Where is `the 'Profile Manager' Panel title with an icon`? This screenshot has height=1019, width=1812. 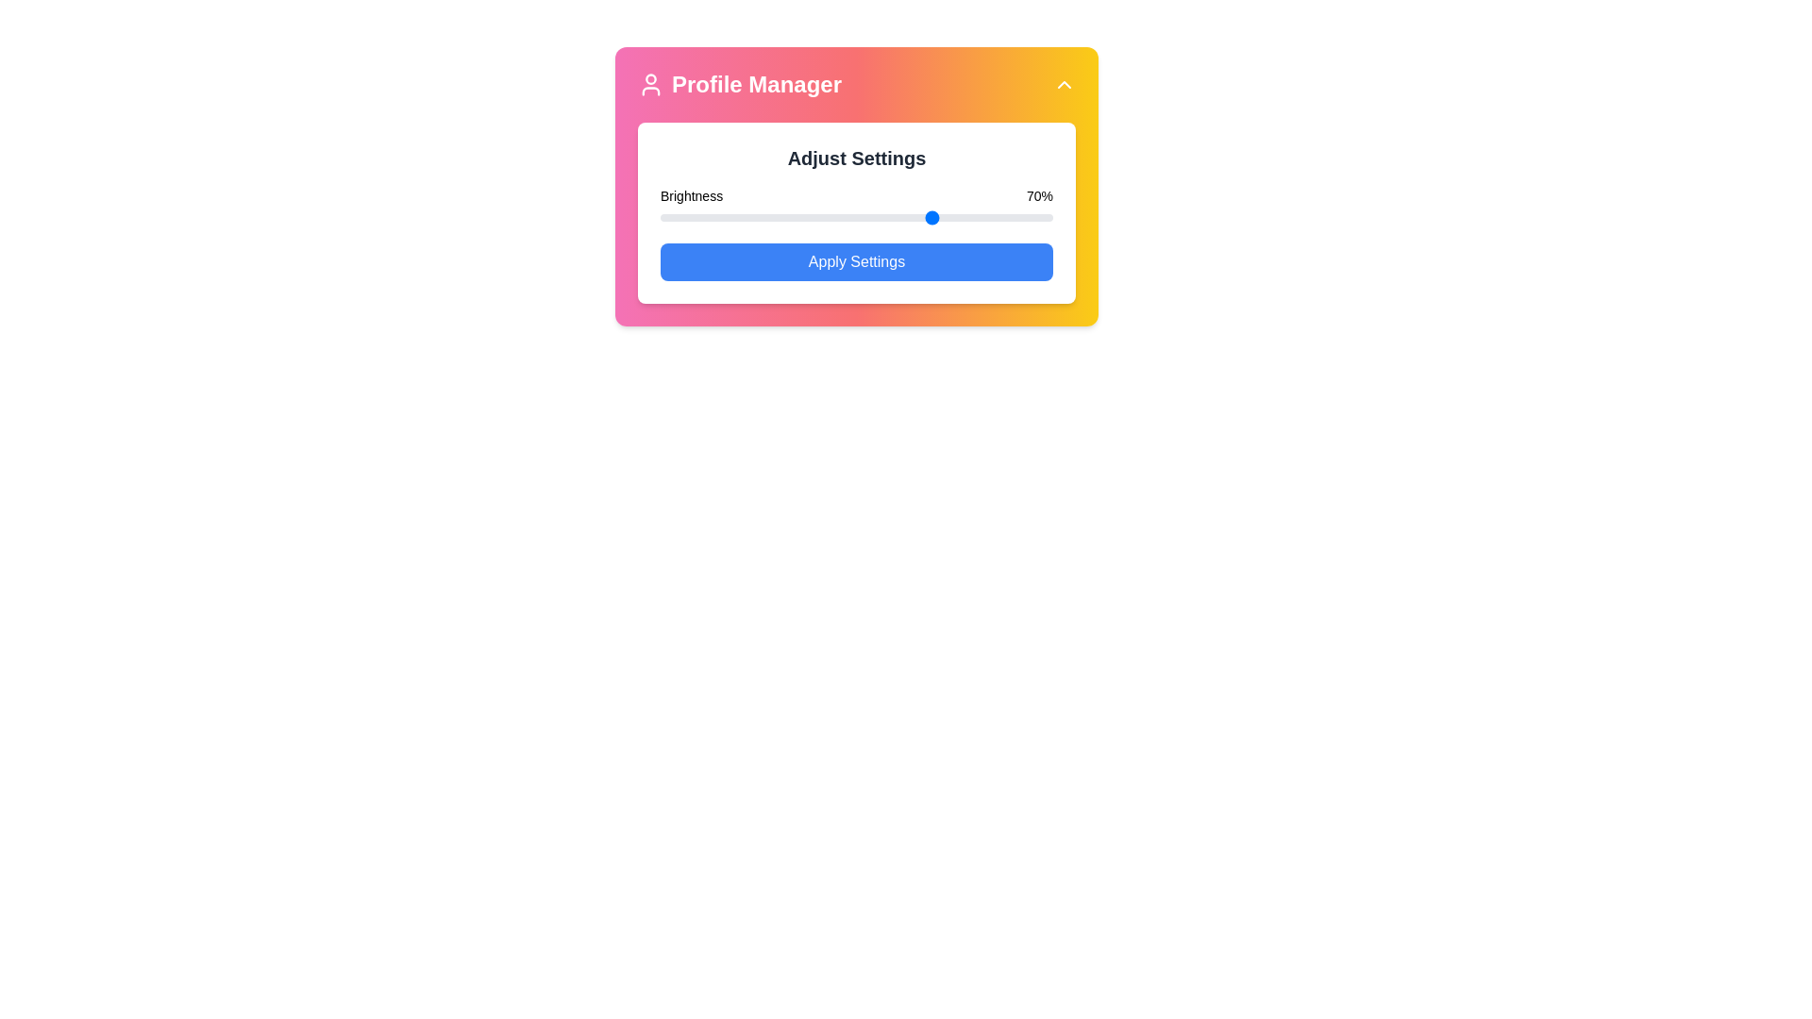 the 'Profile Manager' Panel title with an icon is located at coordinates (738, 83).